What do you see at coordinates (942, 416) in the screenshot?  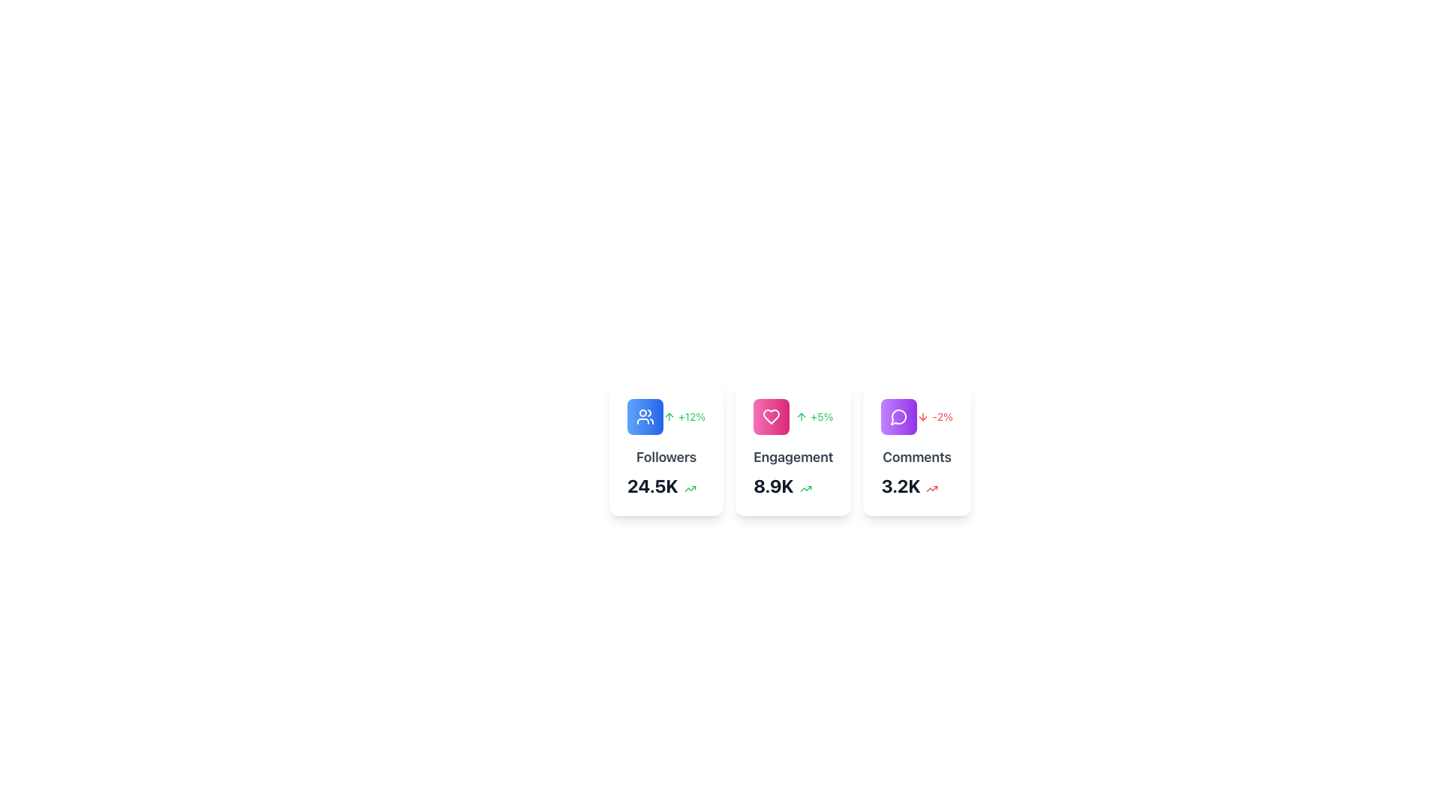 I see `the static text label displaying '-2%' in red color, located in the upper right portion of the third card labeled 'Comments'` at bounding box center [942, 416].